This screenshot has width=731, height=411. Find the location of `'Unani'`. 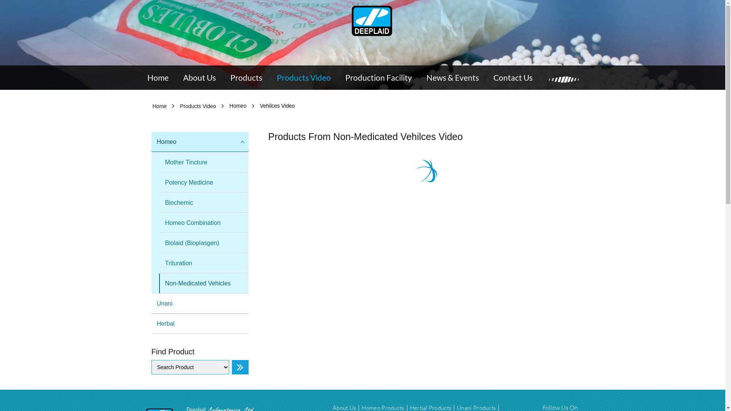

'Unani' is located at coordinates (200, 303).